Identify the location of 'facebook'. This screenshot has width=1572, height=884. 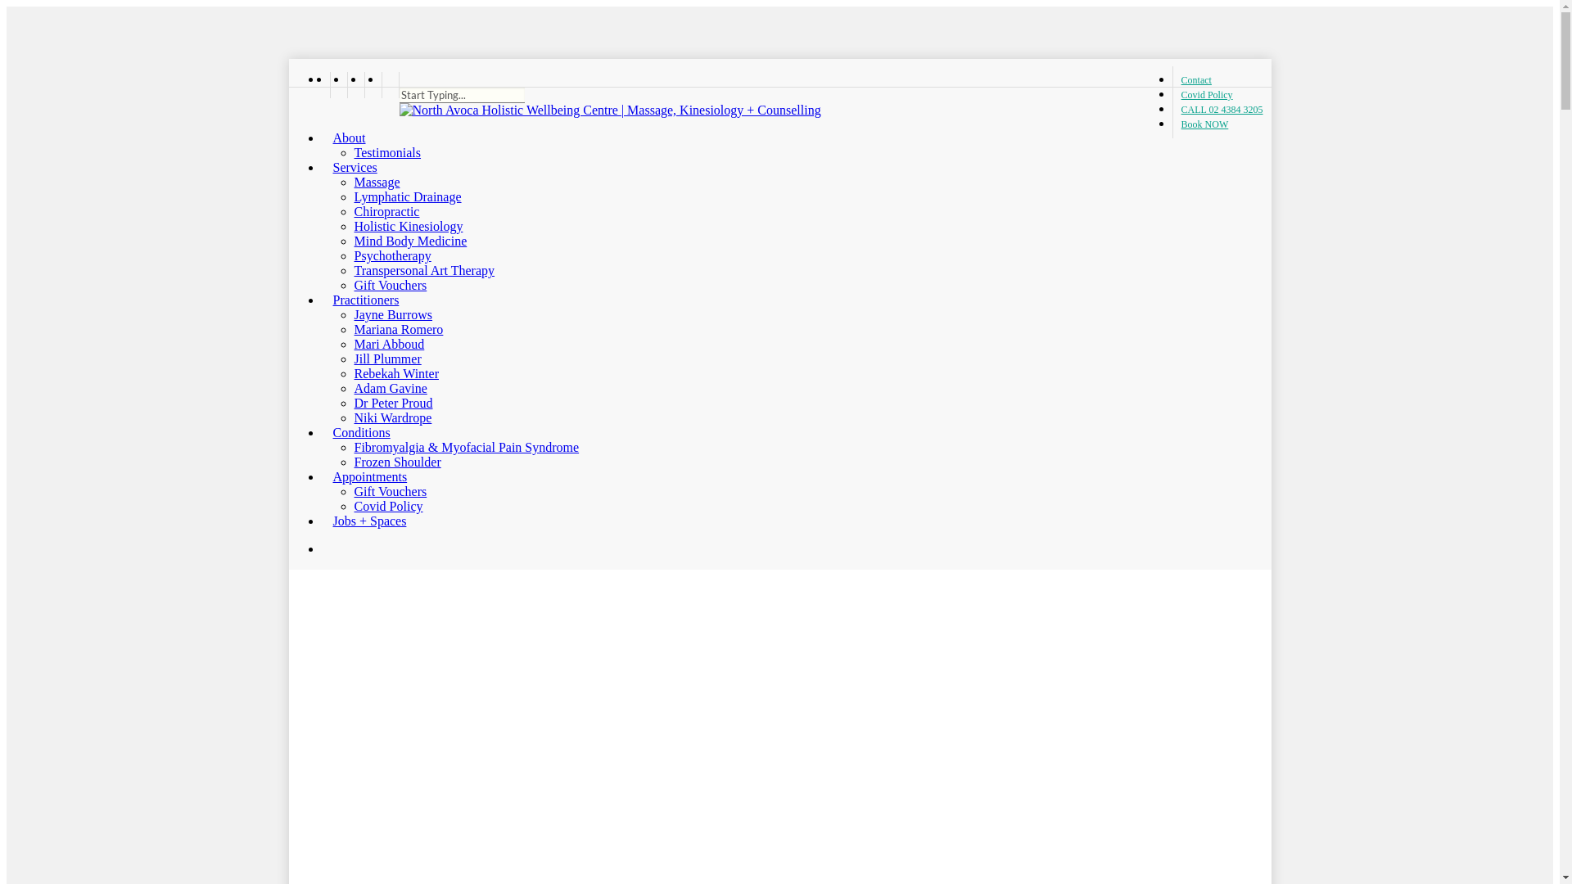
(337, 85).